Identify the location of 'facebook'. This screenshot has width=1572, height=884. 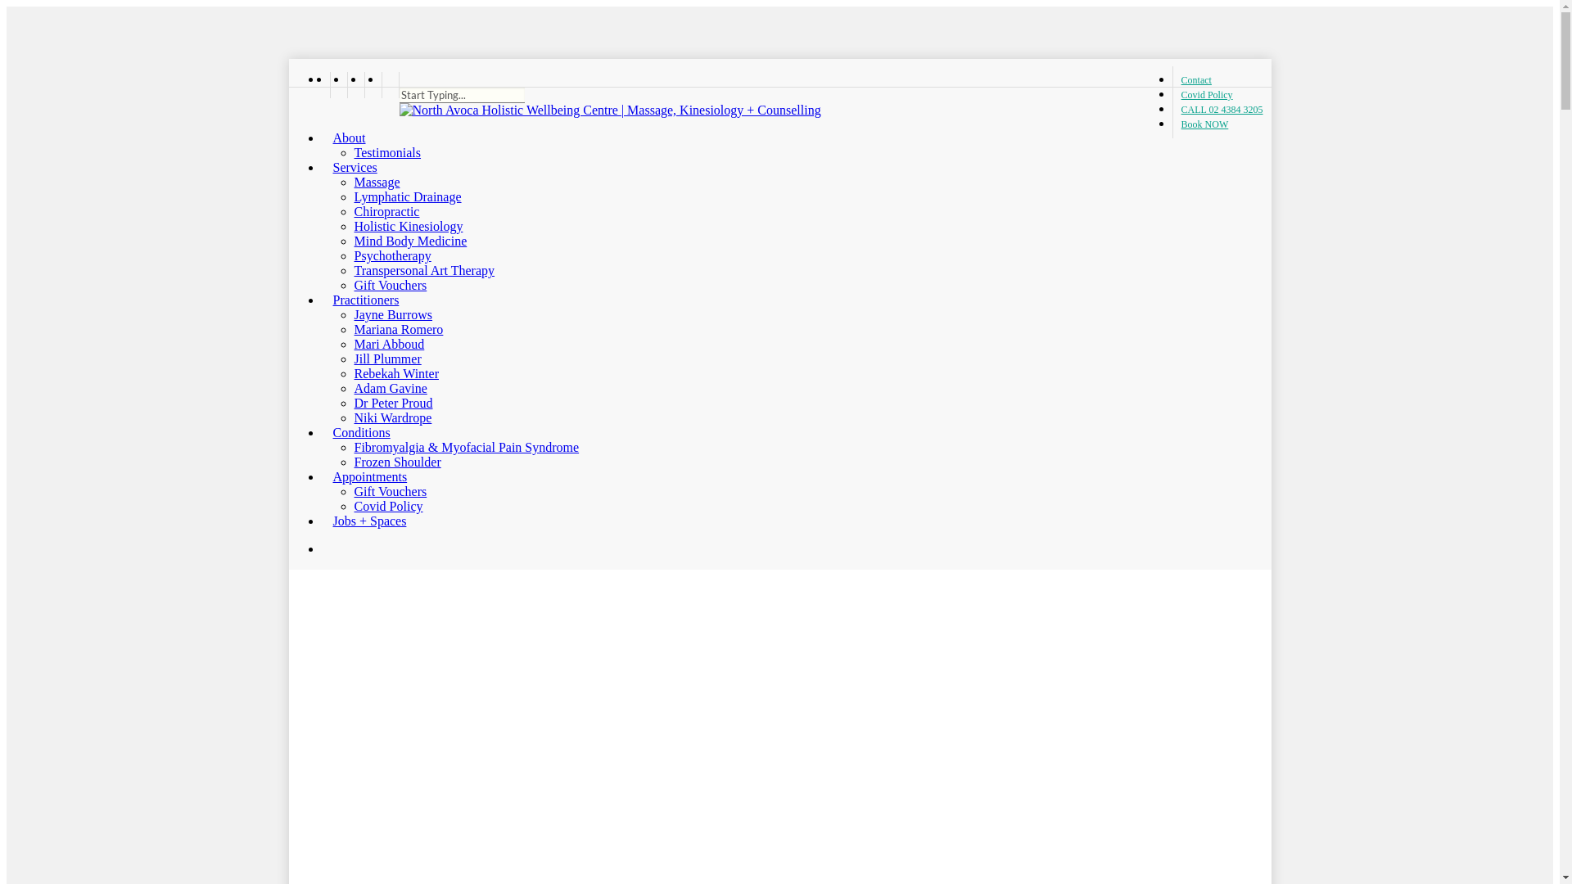
(337, 85).